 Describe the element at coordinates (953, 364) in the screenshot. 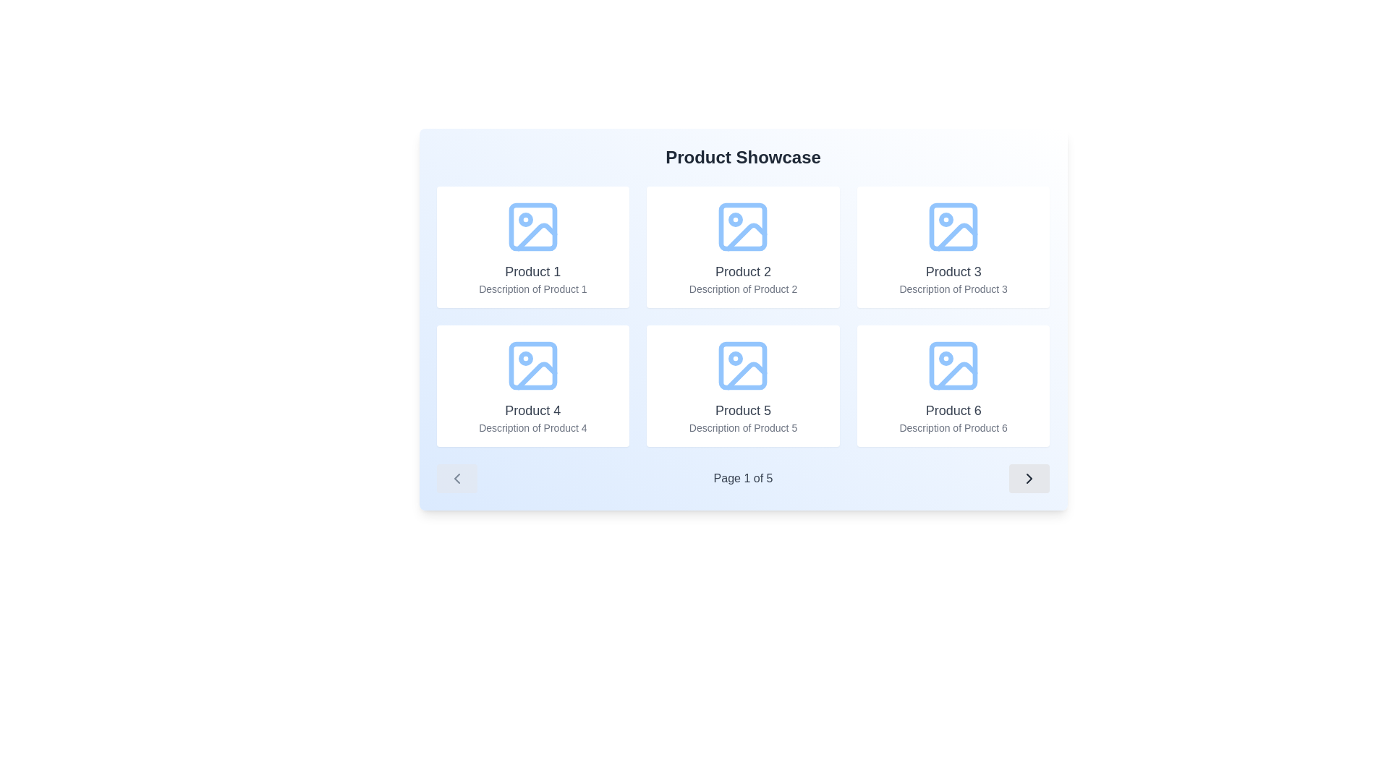

I see `the Decorative SVG element that is part of the picture icon for 'Product 6', located near the bottom-right corner of the icon layout` at that location.